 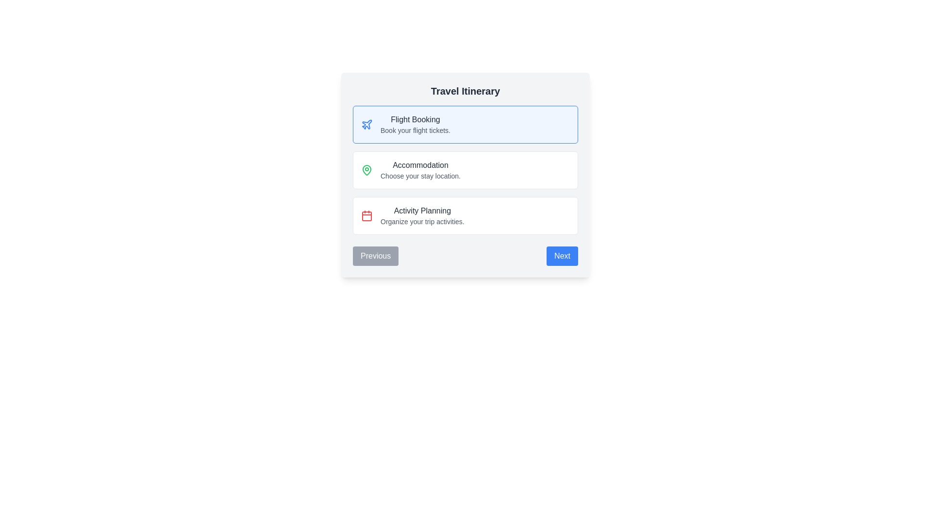 I want to click on the core part of the calendar icon, which is positioned to the left of the 'Activity Planning' text description, so click(x=366, y=216).